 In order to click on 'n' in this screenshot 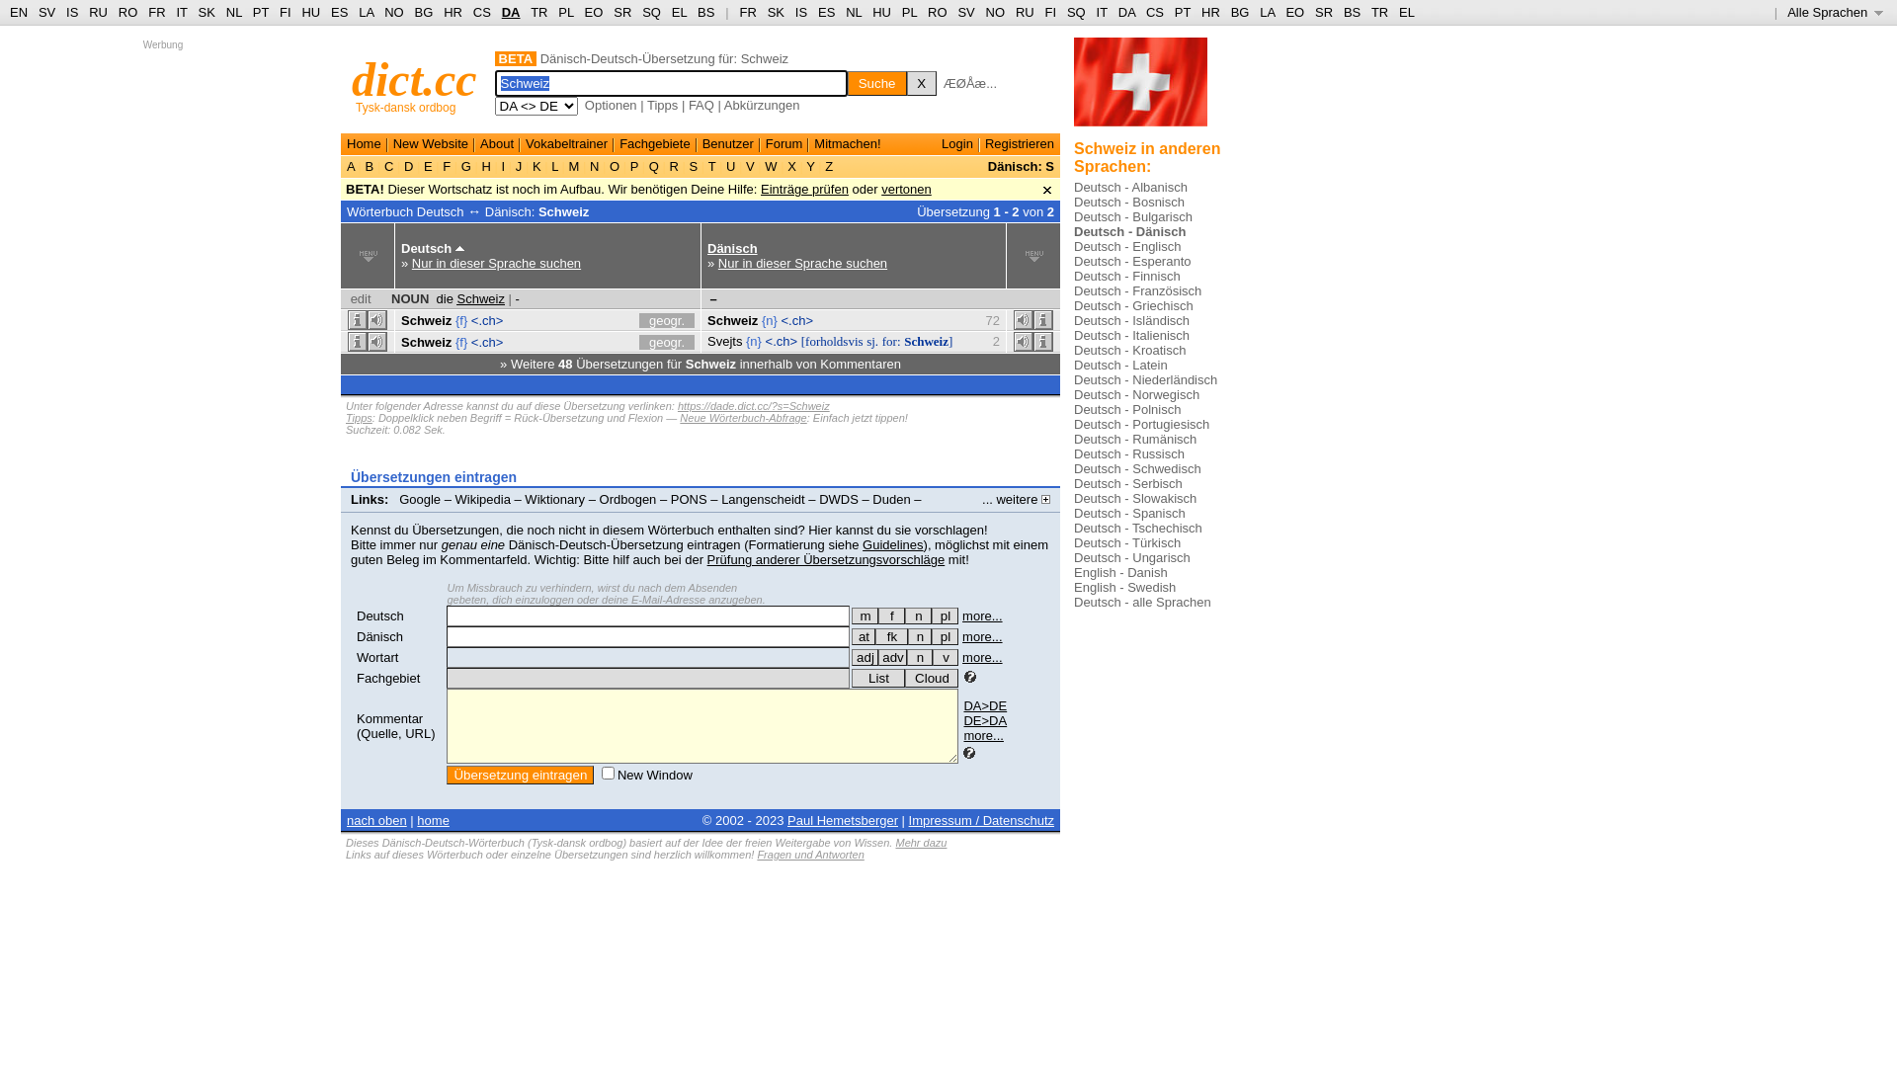, I will do `click(919, 636)`.